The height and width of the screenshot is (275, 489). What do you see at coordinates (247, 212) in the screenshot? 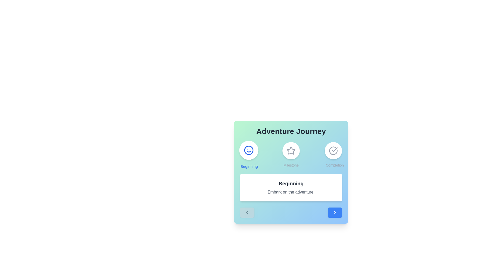
I see `the 'Previous' button to navigate to the previous stage` at bounding box center [247, 212].